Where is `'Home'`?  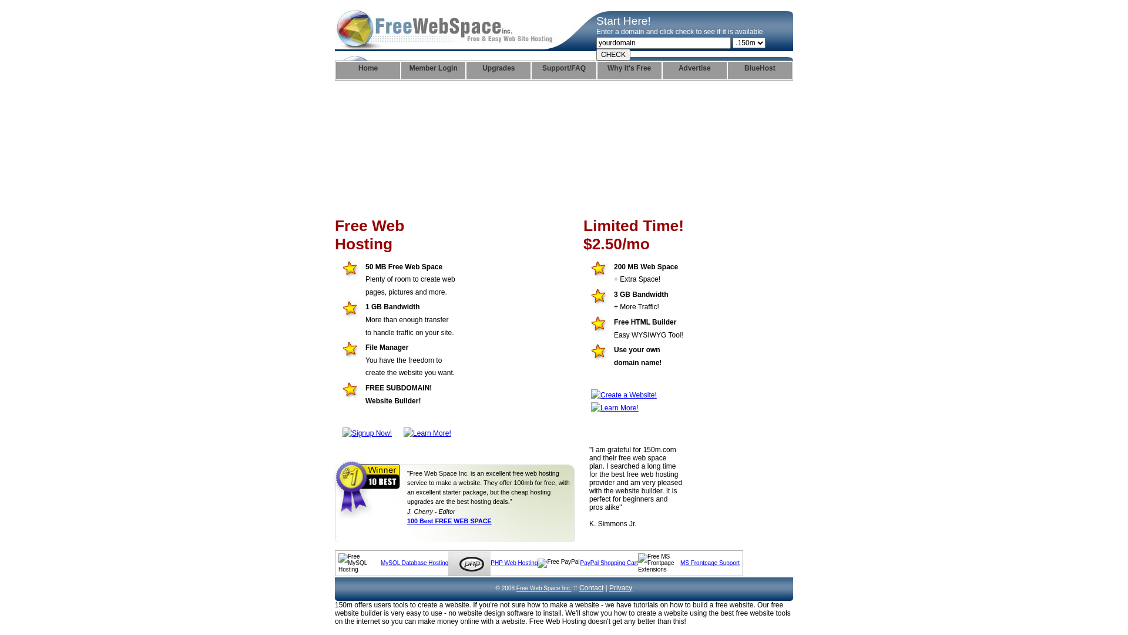
'Home' is located at coordinates (367, 70).